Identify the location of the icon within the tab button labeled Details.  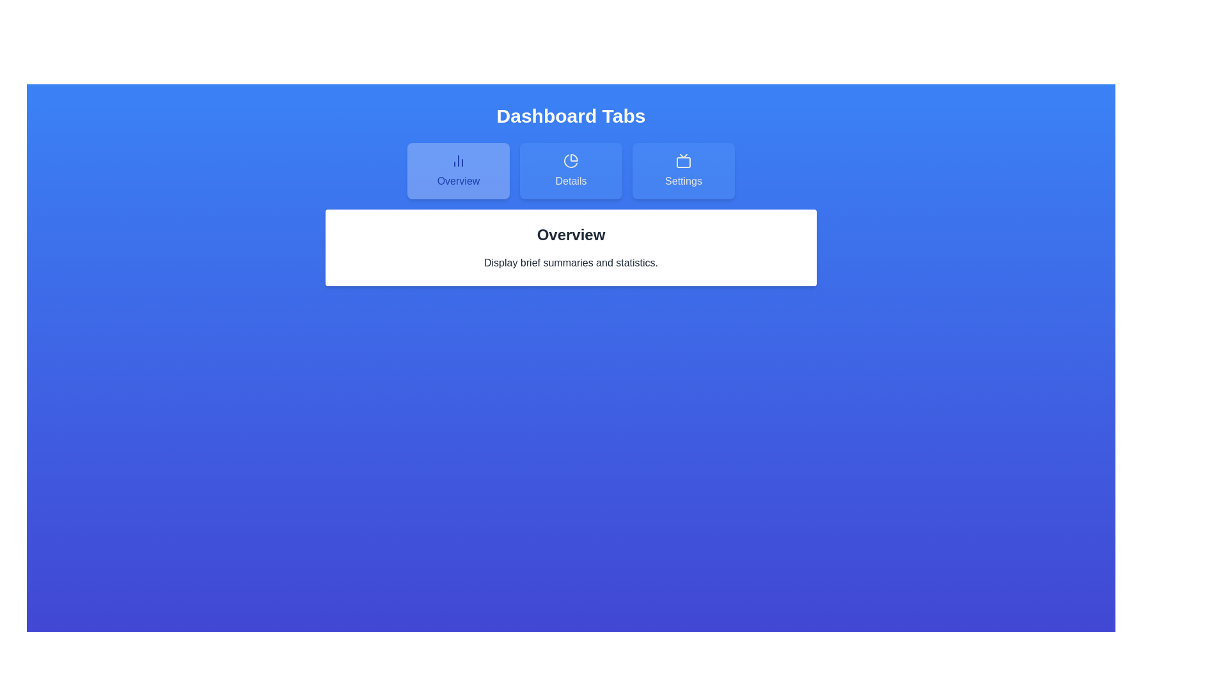
(570, 160).